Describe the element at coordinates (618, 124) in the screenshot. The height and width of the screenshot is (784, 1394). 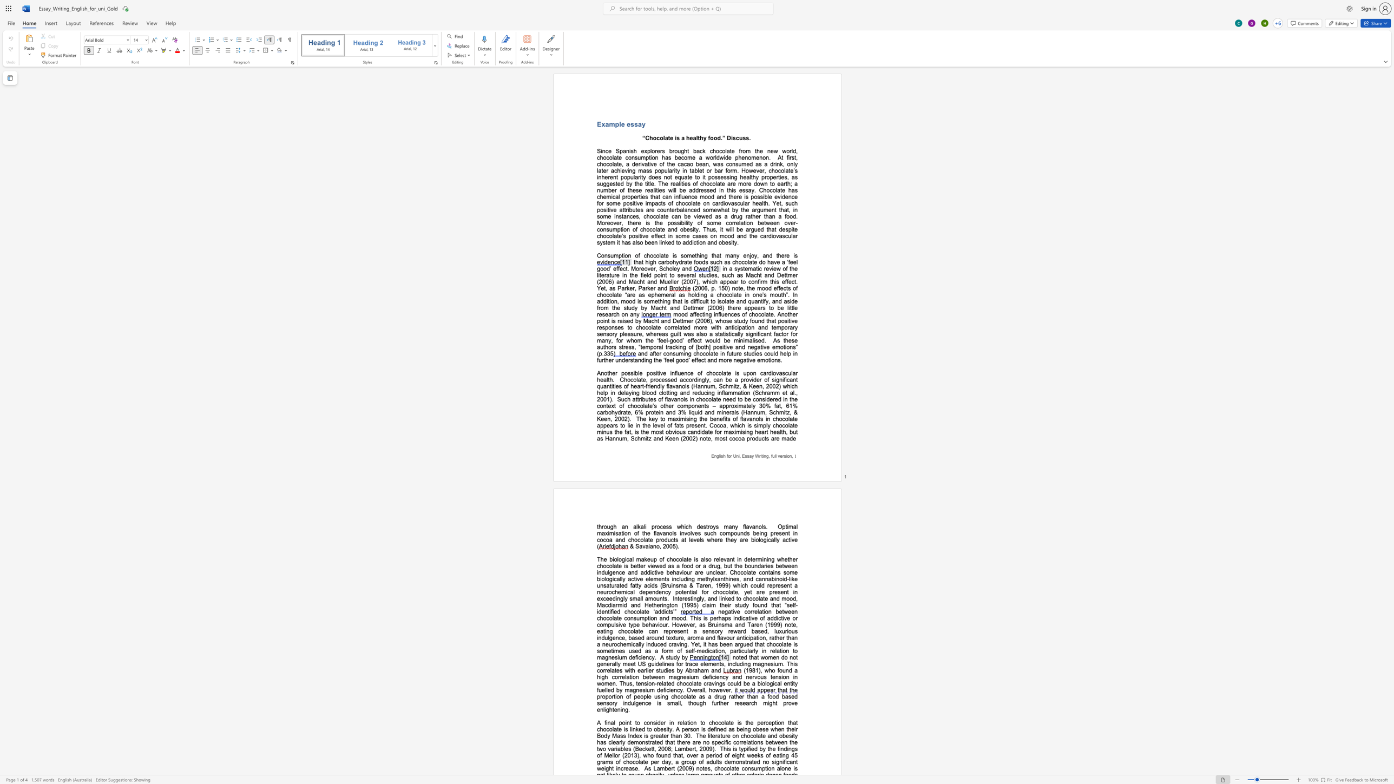
I see `the space between the continuous character "p" and "l" in the text` at that location.